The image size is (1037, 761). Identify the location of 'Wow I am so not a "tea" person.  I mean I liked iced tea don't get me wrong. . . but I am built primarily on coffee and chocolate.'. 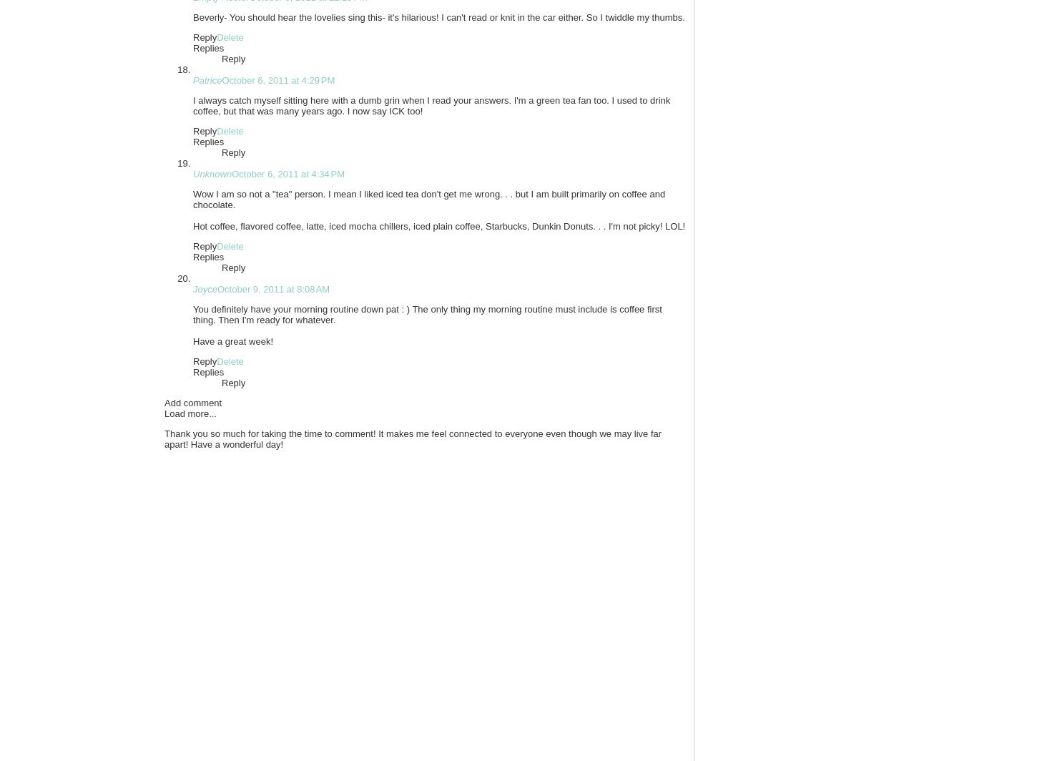
(429, 199).